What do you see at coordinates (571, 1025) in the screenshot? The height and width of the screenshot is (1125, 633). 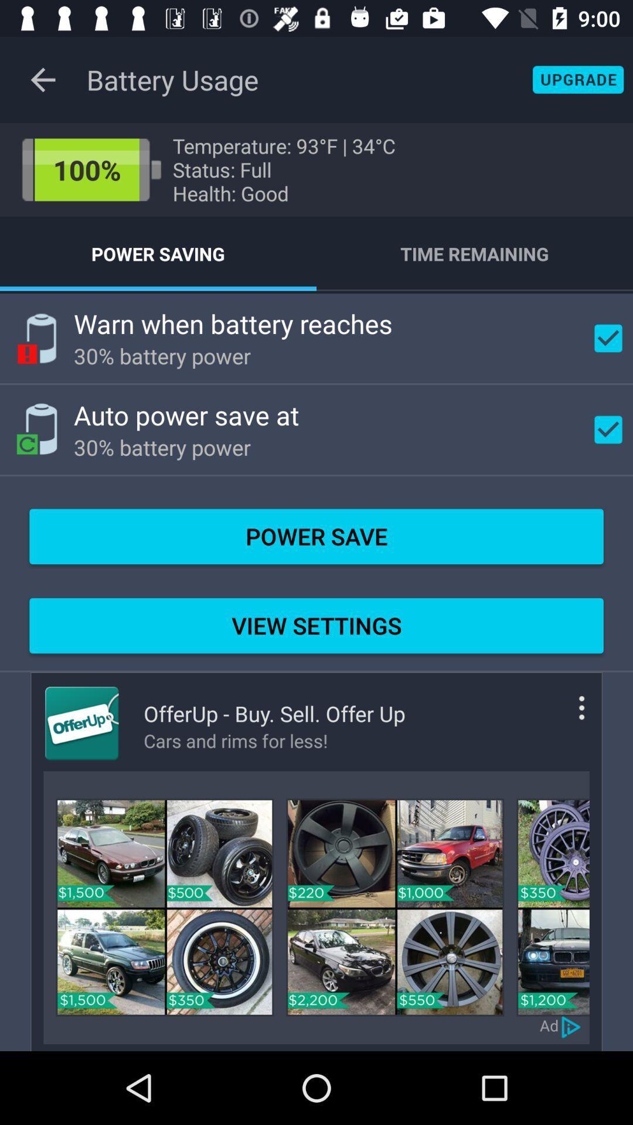 I see `advertisement choices` at bounding box center [571, 1025].